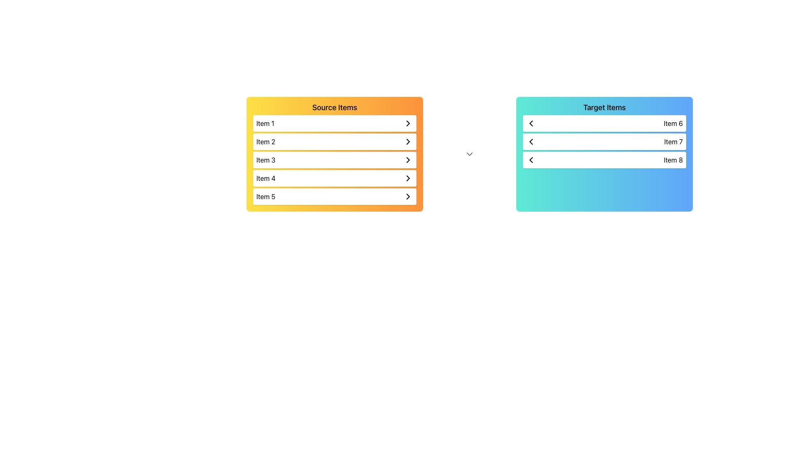  I want to click on the text label 'Item 4' which is part of the 'Source Items' list, located above 'Item 5' and below 'Item 3', so click(265, 178).